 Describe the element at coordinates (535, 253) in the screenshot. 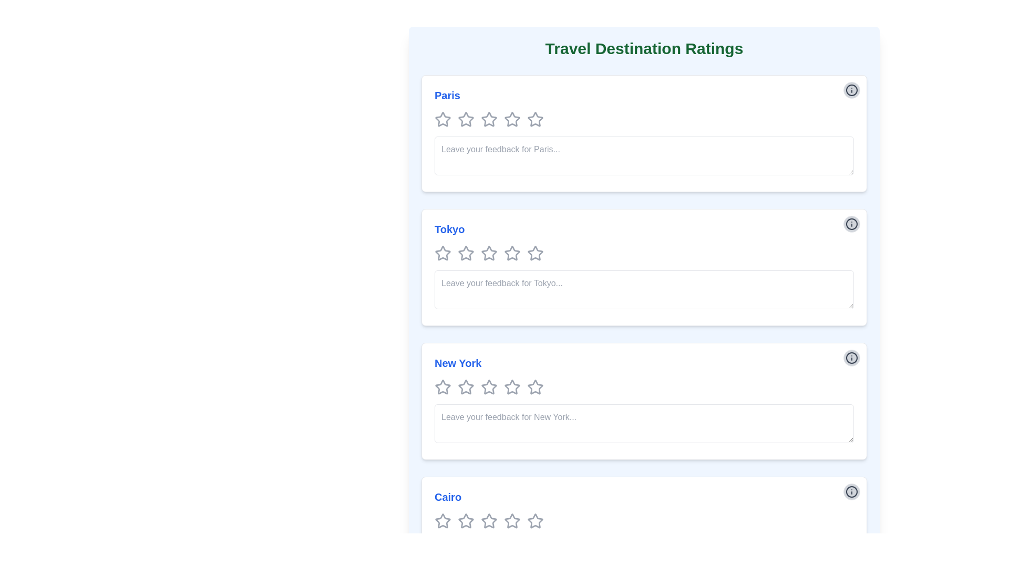

I see `the fifth star icon with a hollow center in the Tokyo rating section to rate it` at that location.